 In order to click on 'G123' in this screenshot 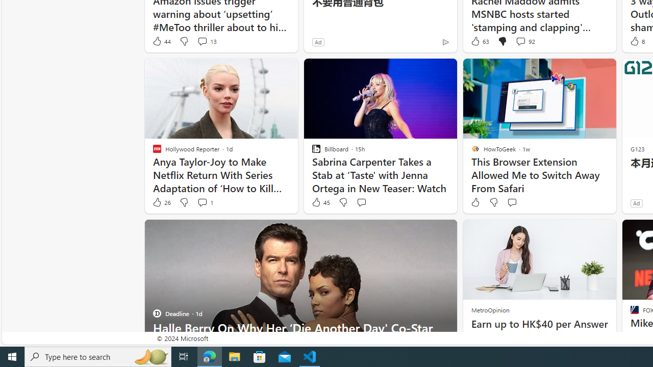, I will do `click(637, 148)`.